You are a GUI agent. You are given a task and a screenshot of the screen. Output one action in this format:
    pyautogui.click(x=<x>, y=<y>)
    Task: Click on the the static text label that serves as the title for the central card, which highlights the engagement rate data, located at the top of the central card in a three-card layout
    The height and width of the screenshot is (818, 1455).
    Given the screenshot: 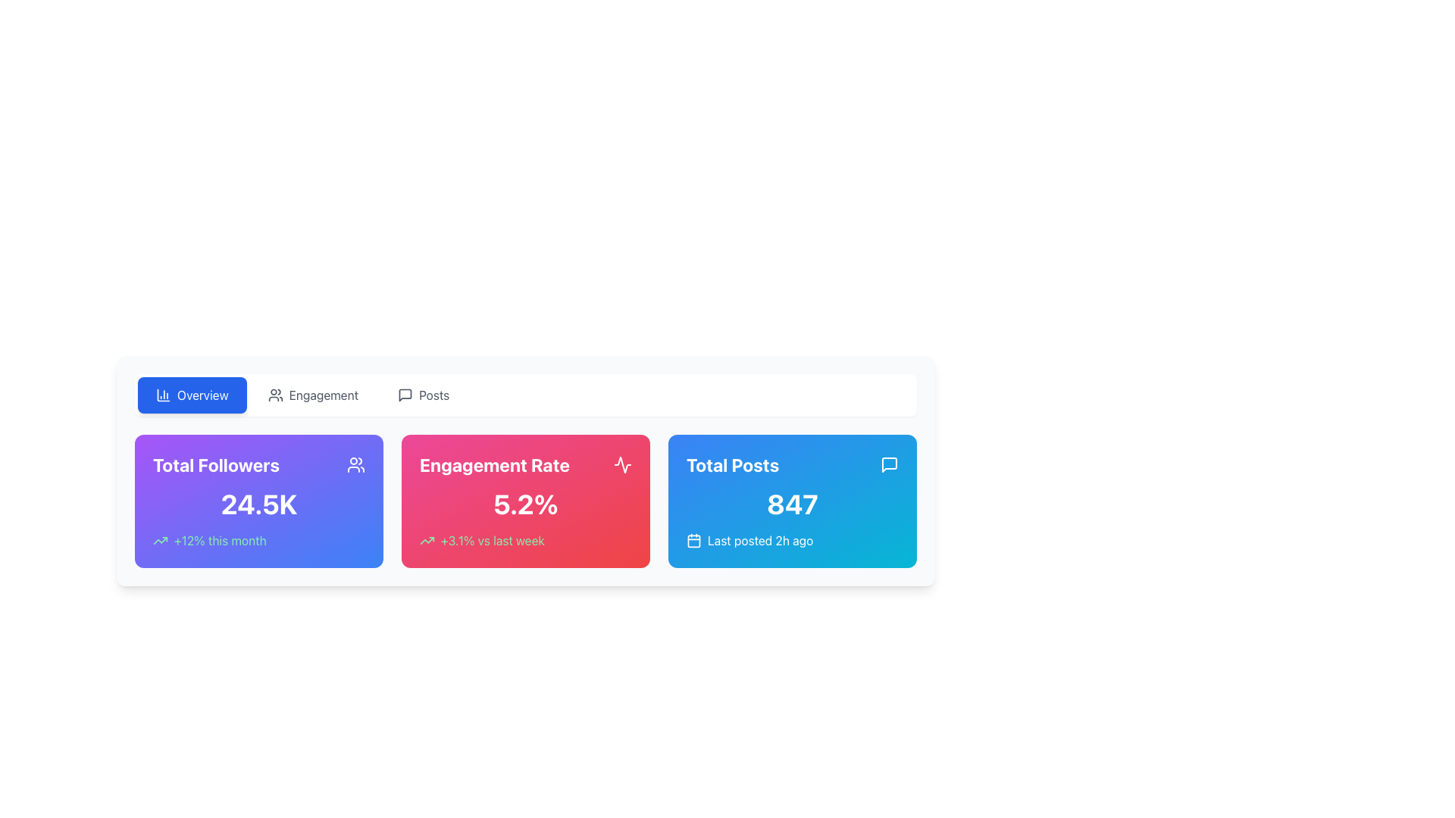 What is the action you would take?
    pyautogui.click(x=494, y=464)
    